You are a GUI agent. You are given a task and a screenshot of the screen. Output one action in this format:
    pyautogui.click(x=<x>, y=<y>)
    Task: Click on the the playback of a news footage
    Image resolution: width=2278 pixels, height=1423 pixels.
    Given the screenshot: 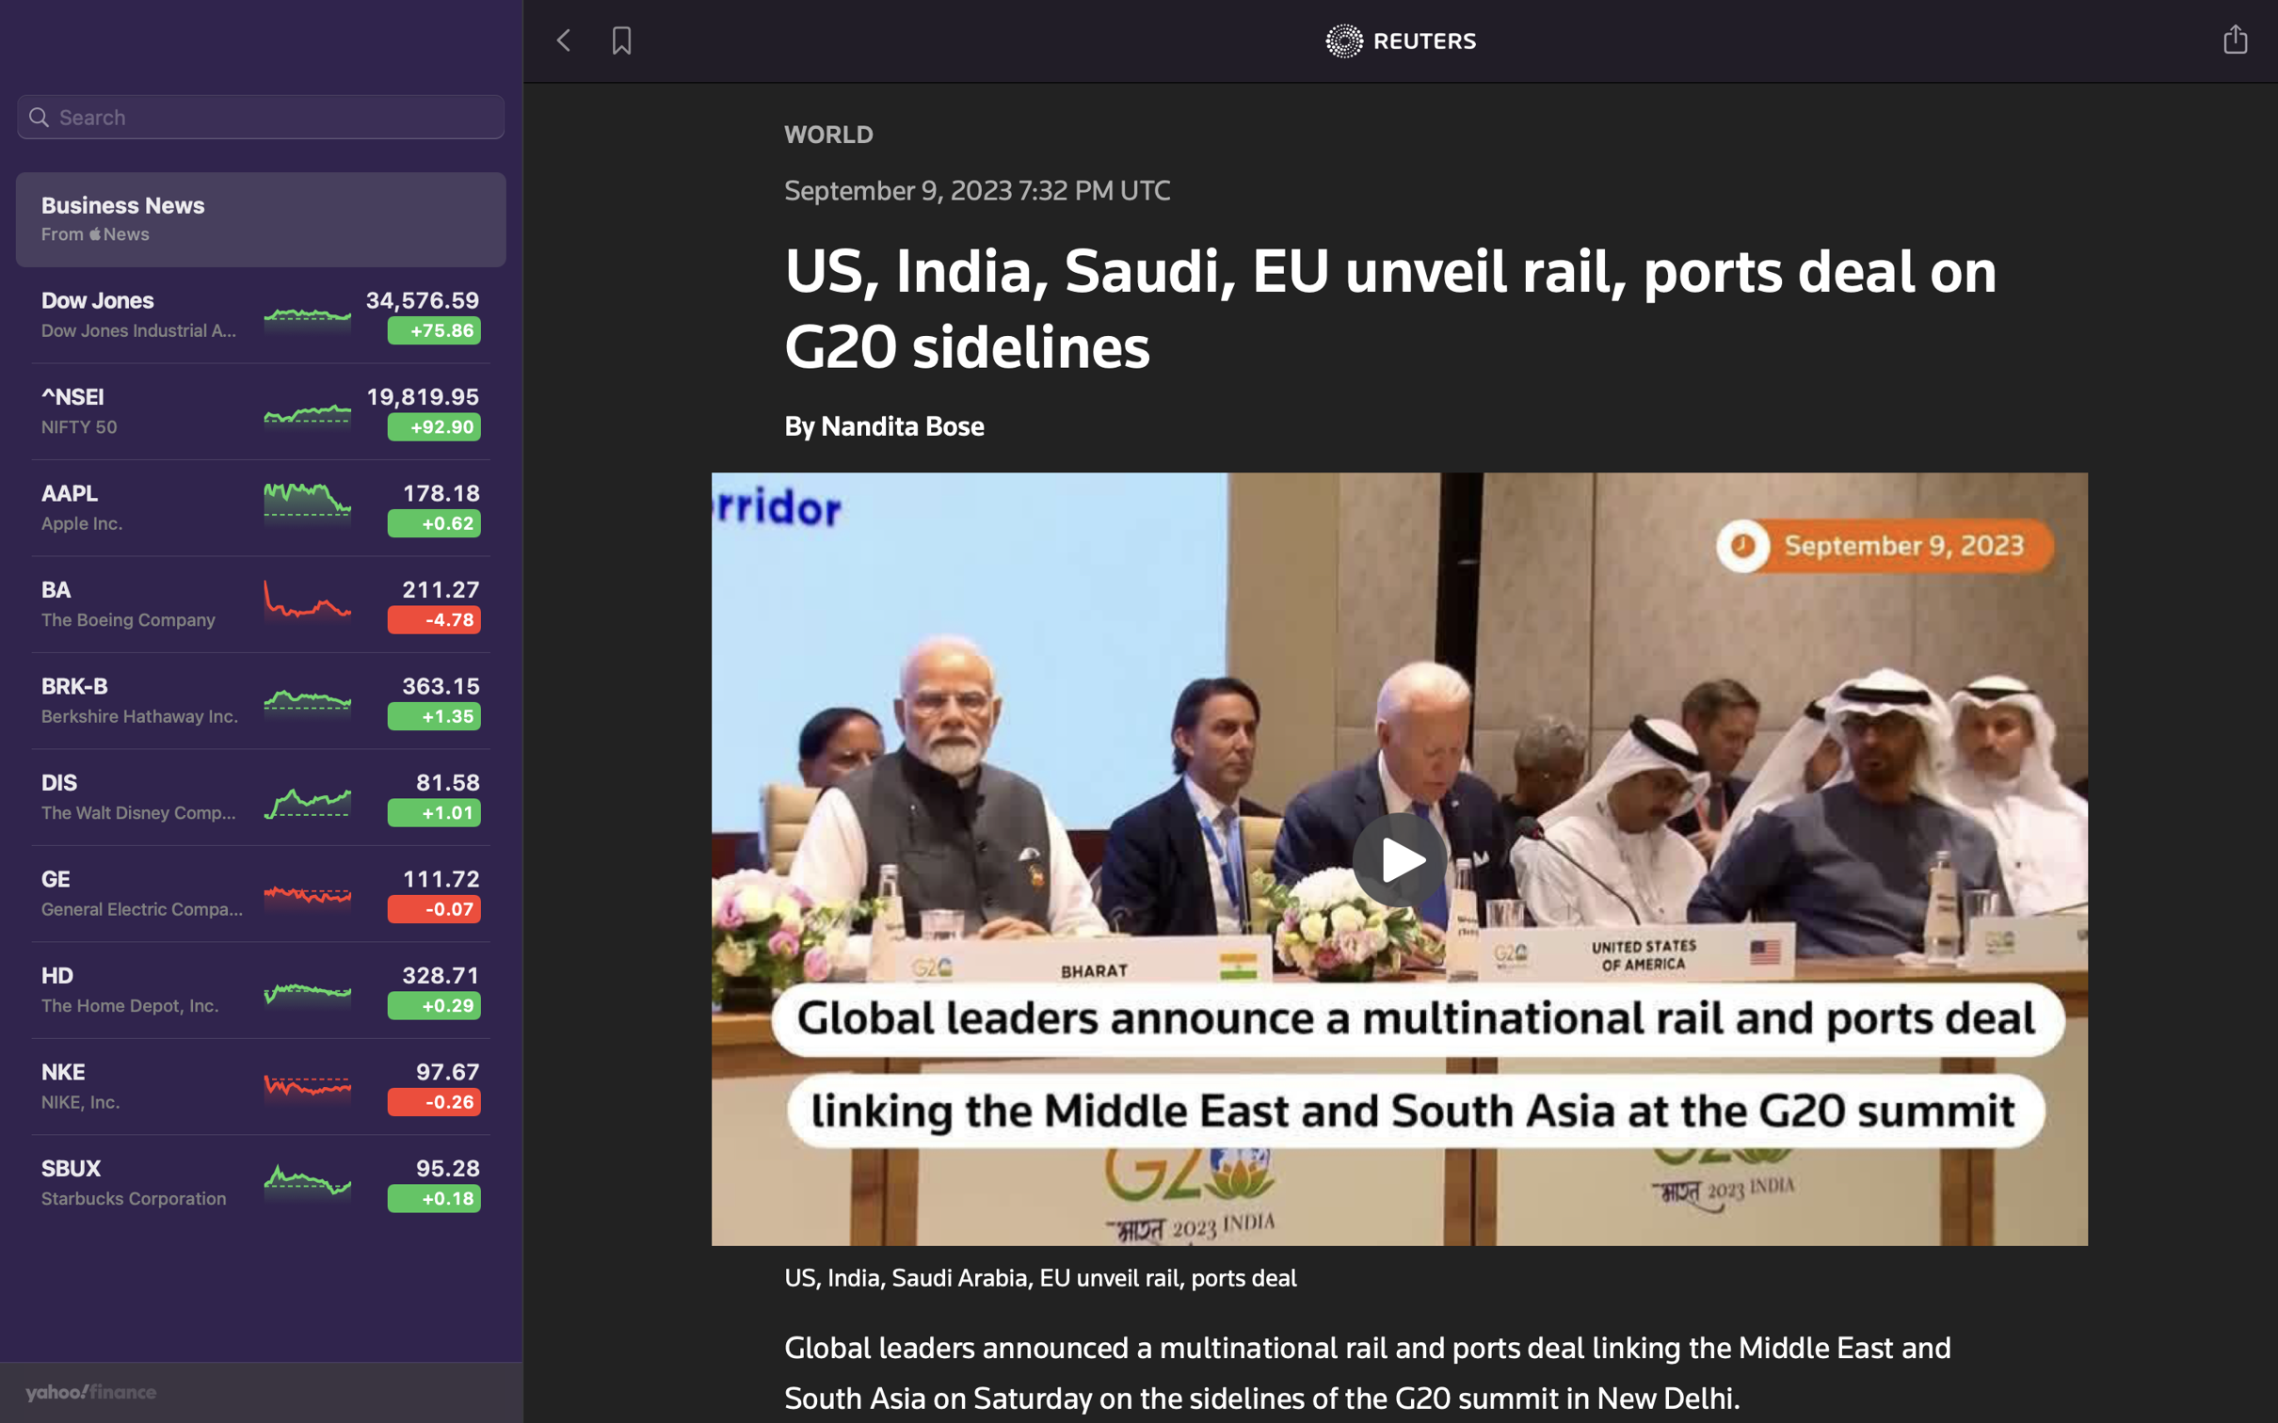 What is the action you would take?
    pyautogui.click(x=1401, y=855)
    